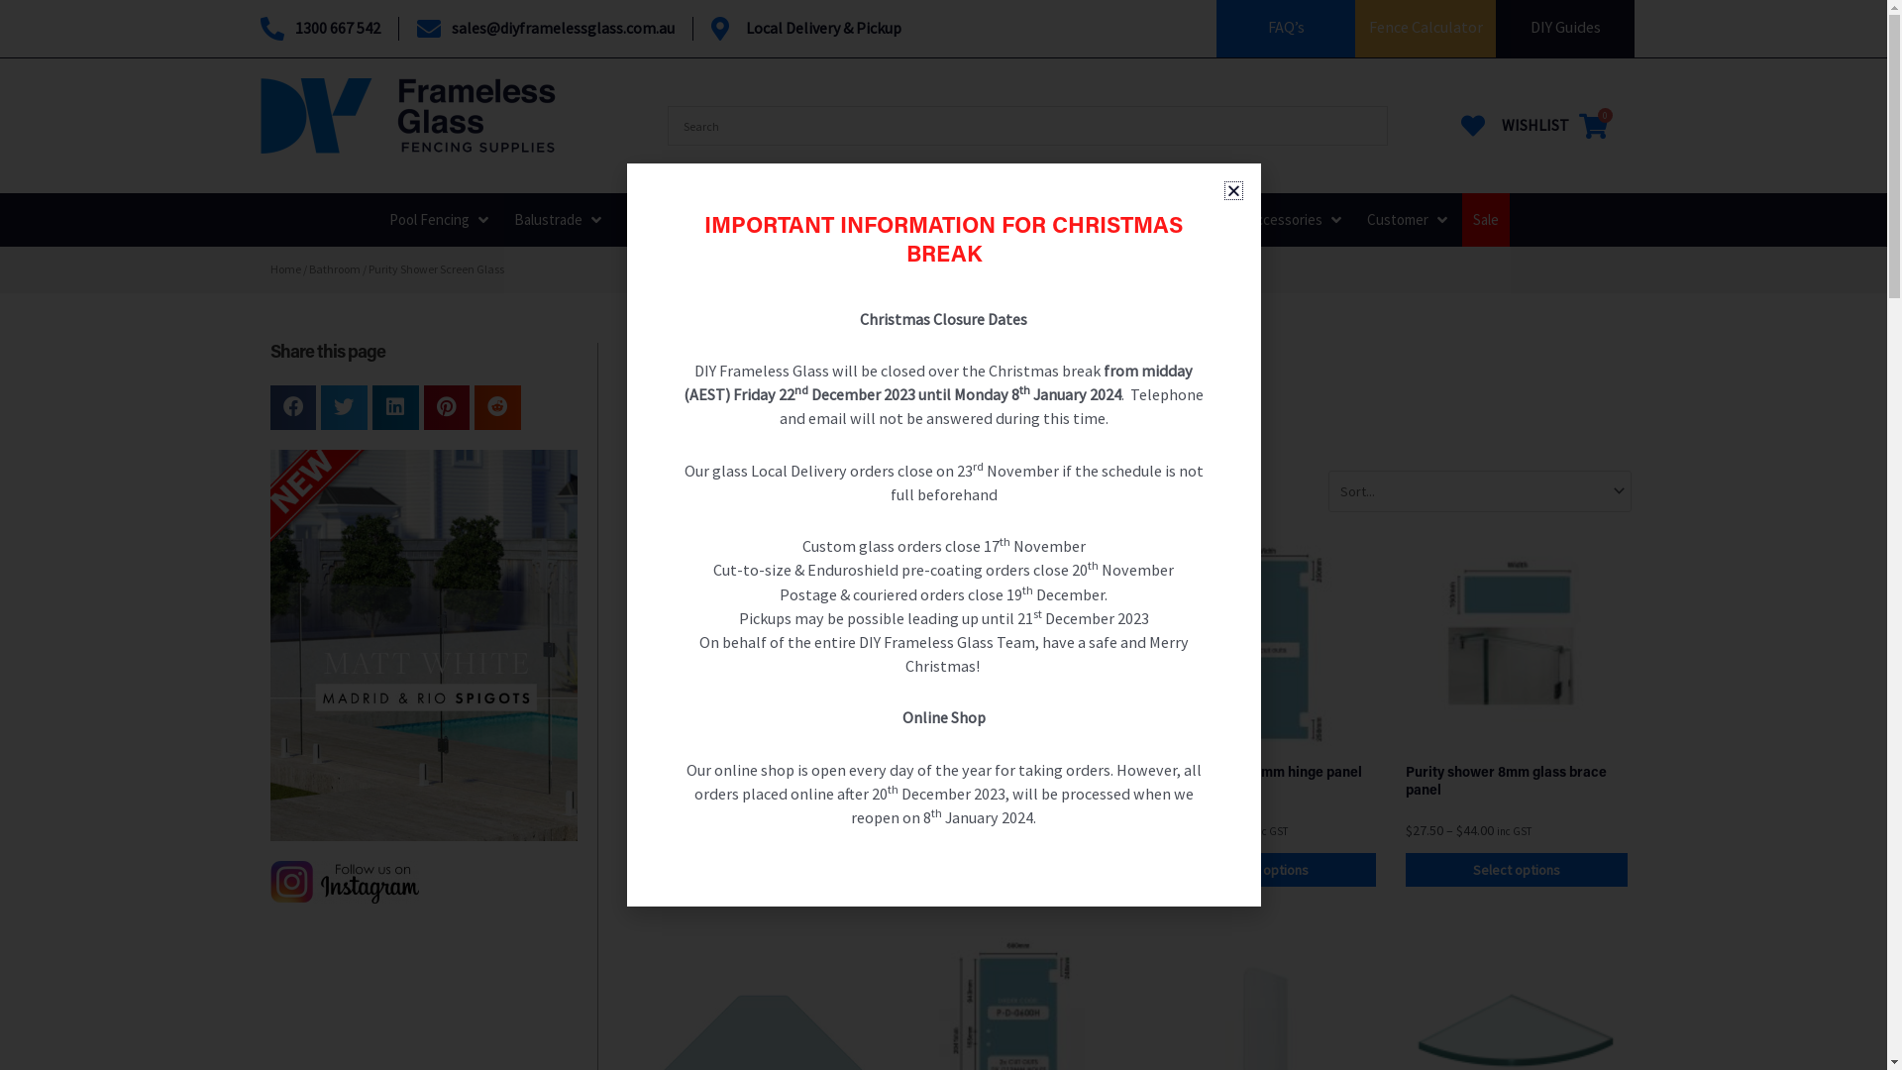  I want to click on 'follow us on Instagram', so click(343, 881).